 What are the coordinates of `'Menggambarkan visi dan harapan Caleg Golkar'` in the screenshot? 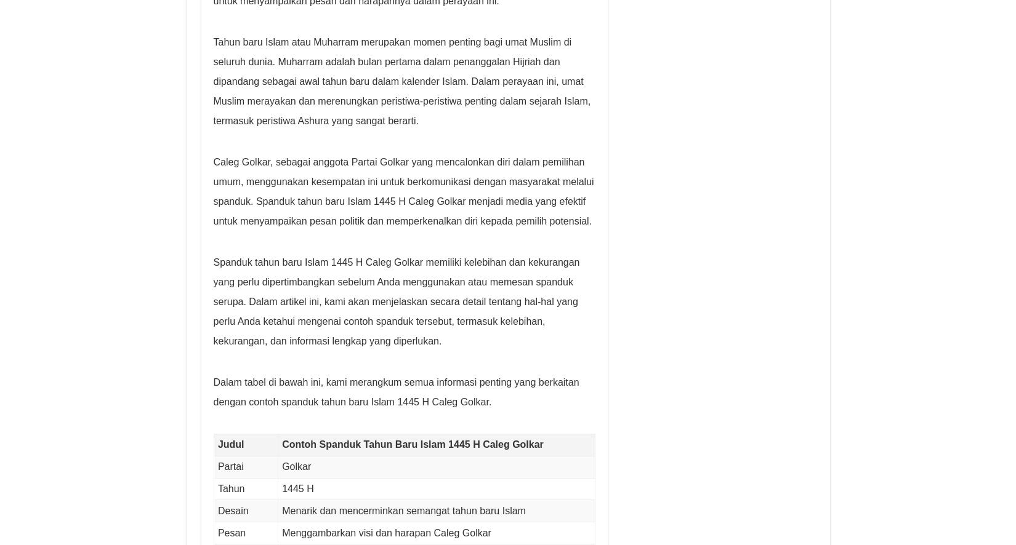 It's located at (385, 531).